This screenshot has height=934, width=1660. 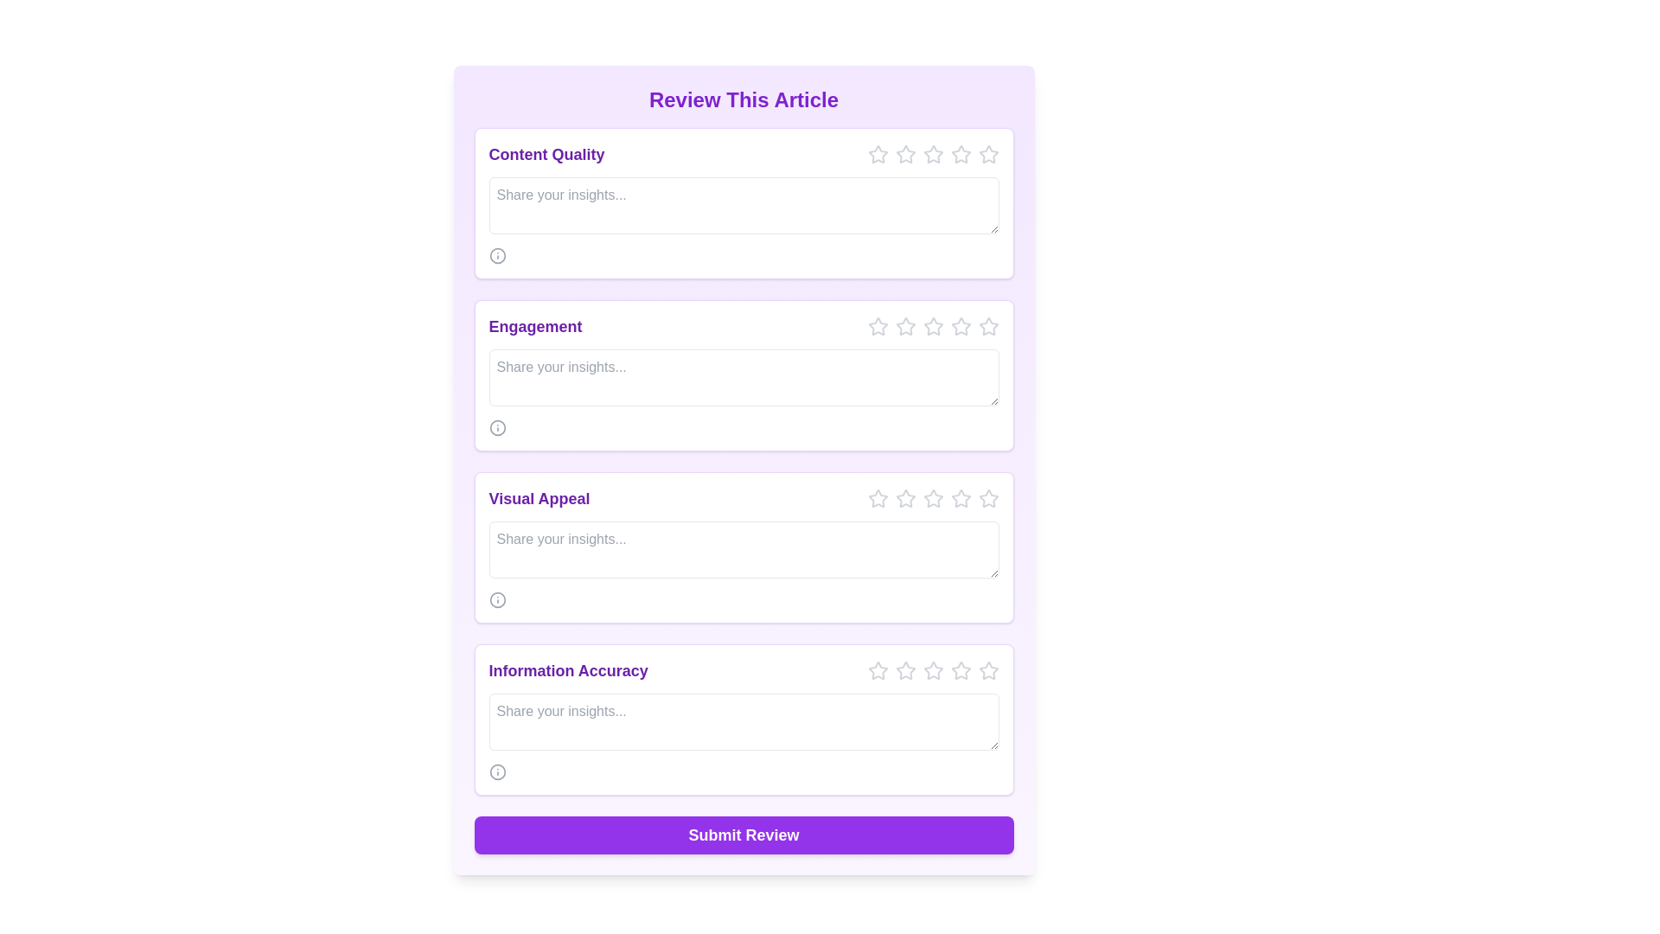 I want to click on the third star rating icon located to the right of the 'Content Quality' text, so click(x=932, y=153).